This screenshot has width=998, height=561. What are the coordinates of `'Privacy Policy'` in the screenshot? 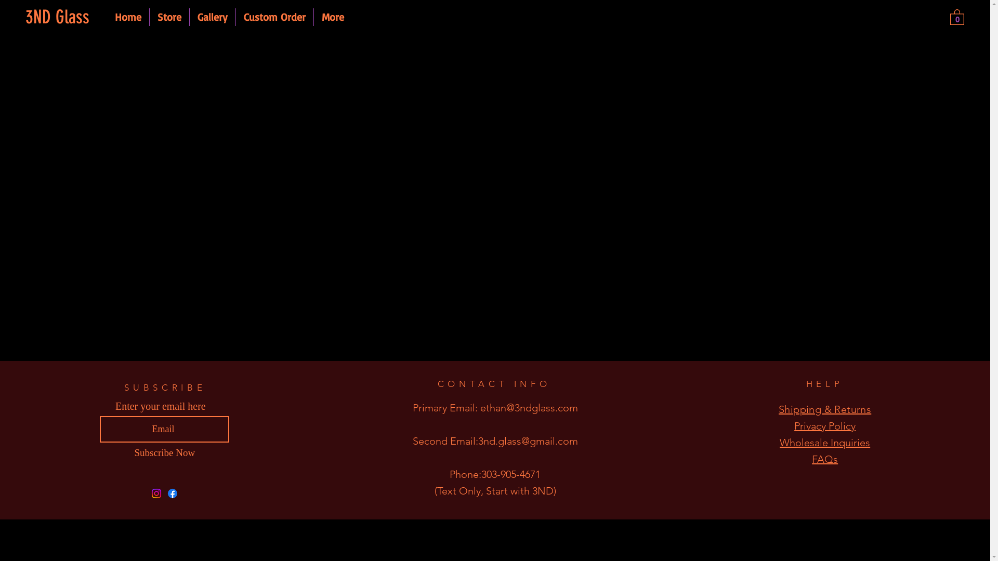 It's located at (824, 426).